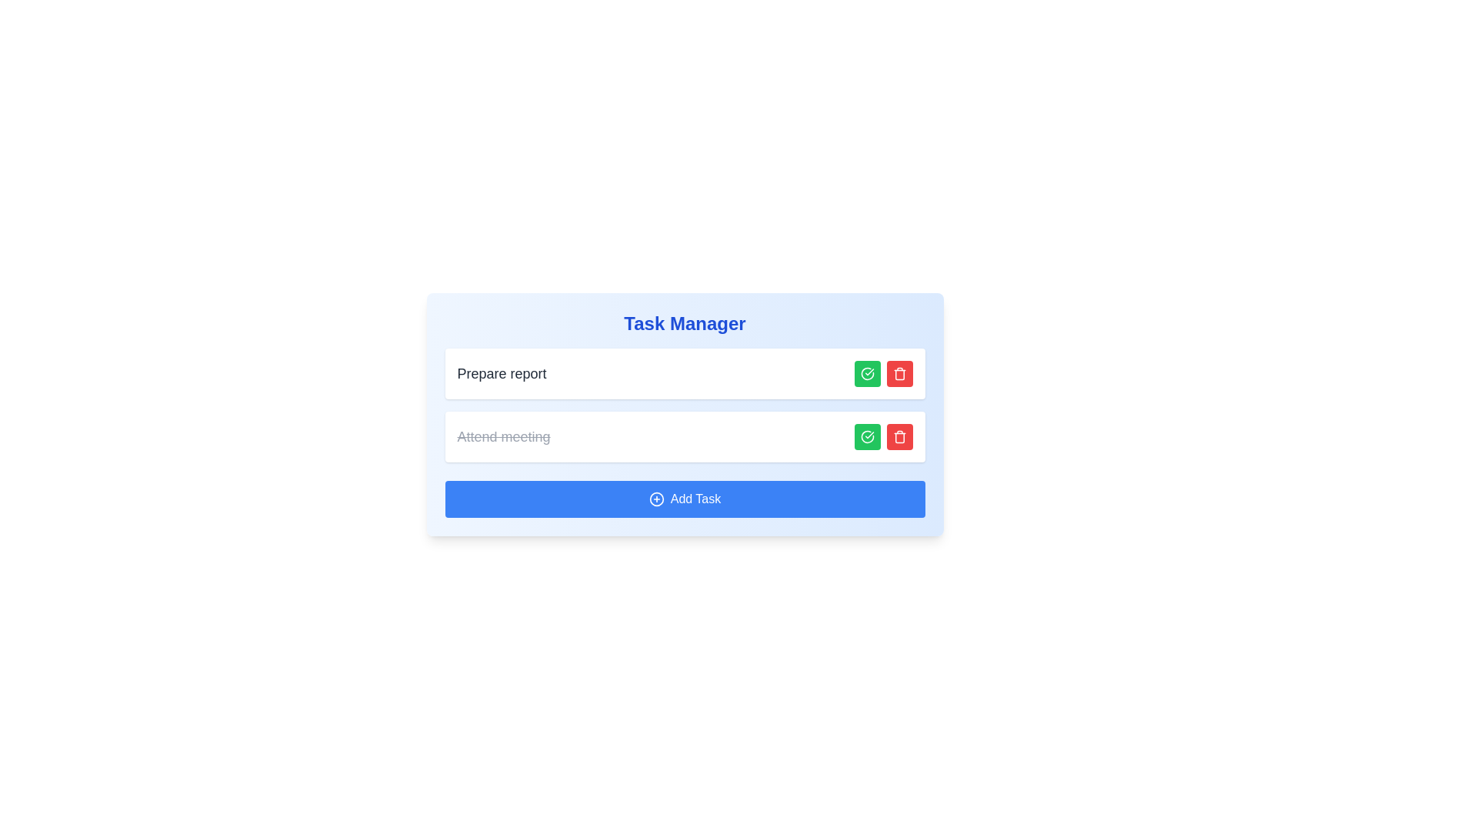  Describe the element at coordinates (899, 374) in the screenshot. I see `the trash can icon button with a red background, located to the far right of the 'Prepare report' task entry` at that location.